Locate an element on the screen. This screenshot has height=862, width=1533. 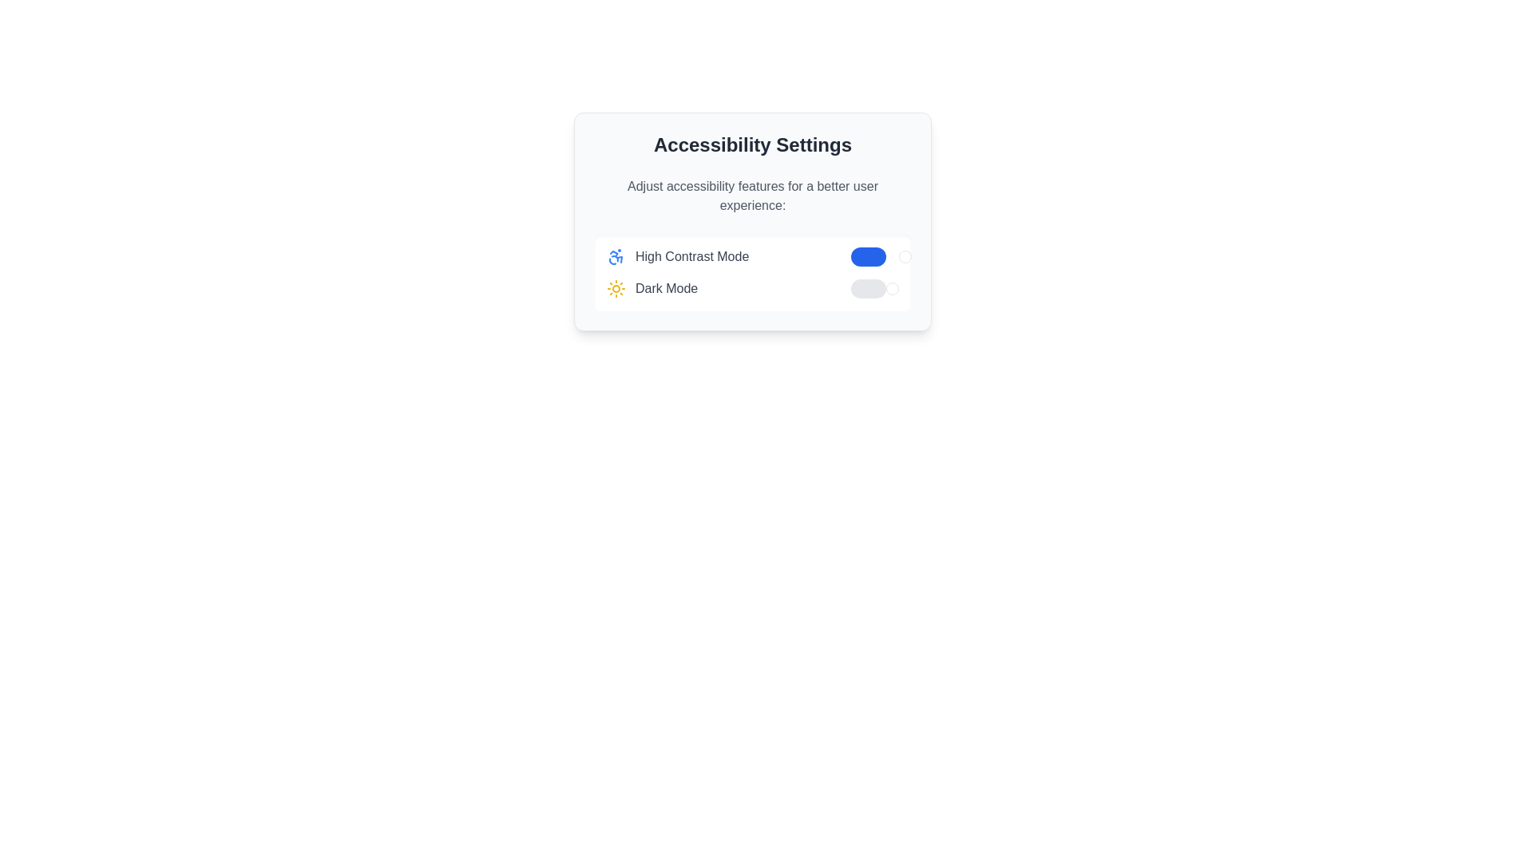
the toggle switch for High Contrast Mode is located at coordinates (873, 255).